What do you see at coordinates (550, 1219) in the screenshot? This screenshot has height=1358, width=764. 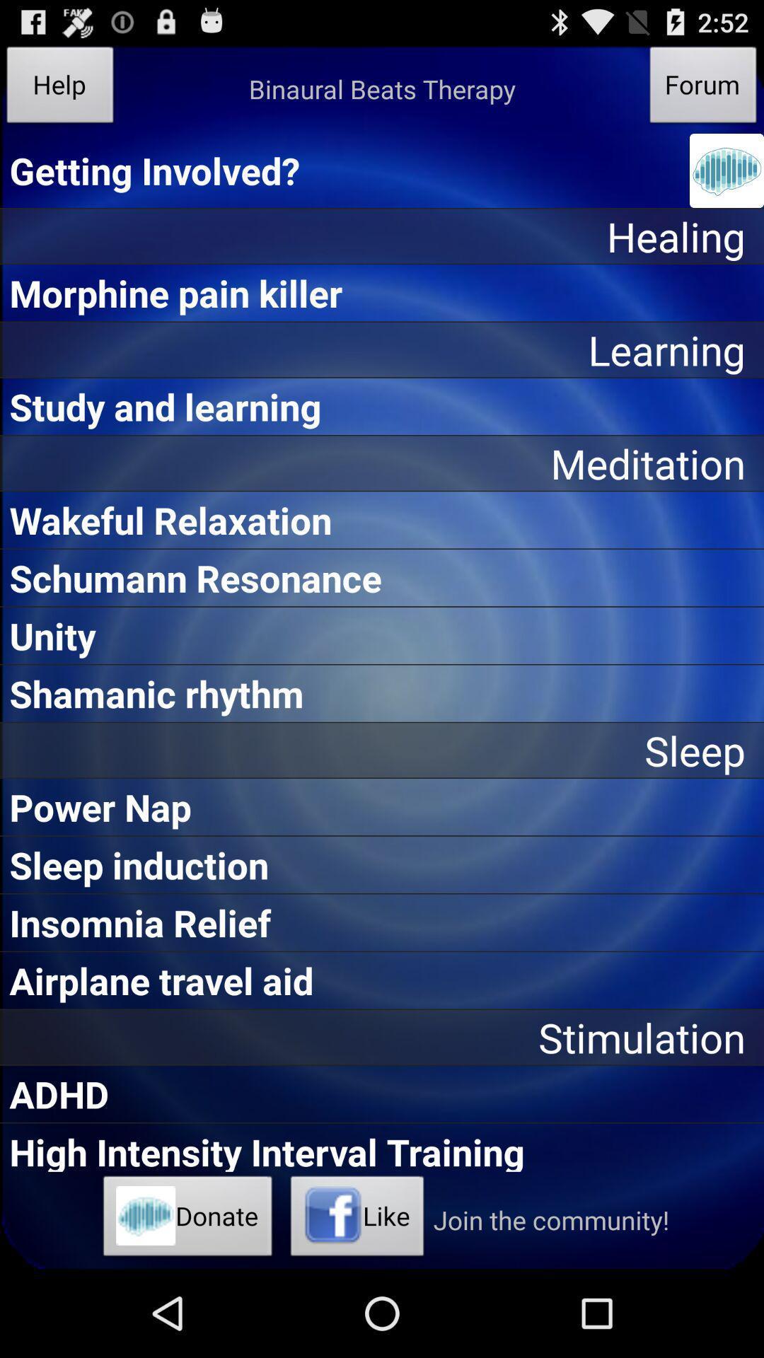 I see `icon to the right of like` at bounding box center [550, 1219].